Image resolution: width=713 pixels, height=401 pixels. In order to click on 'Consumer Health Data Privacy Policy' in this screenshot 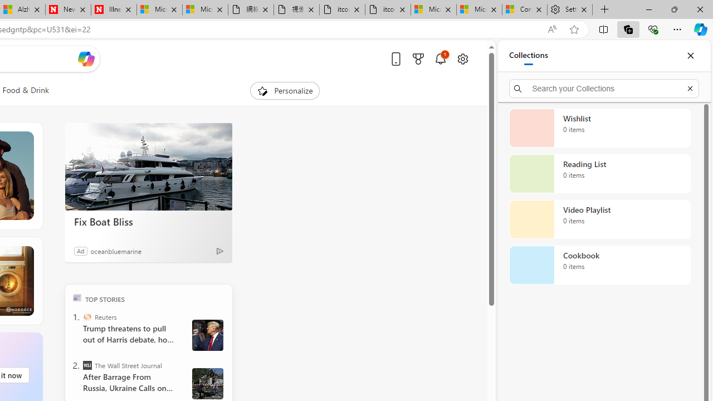, I will do `click(524, 9)`.